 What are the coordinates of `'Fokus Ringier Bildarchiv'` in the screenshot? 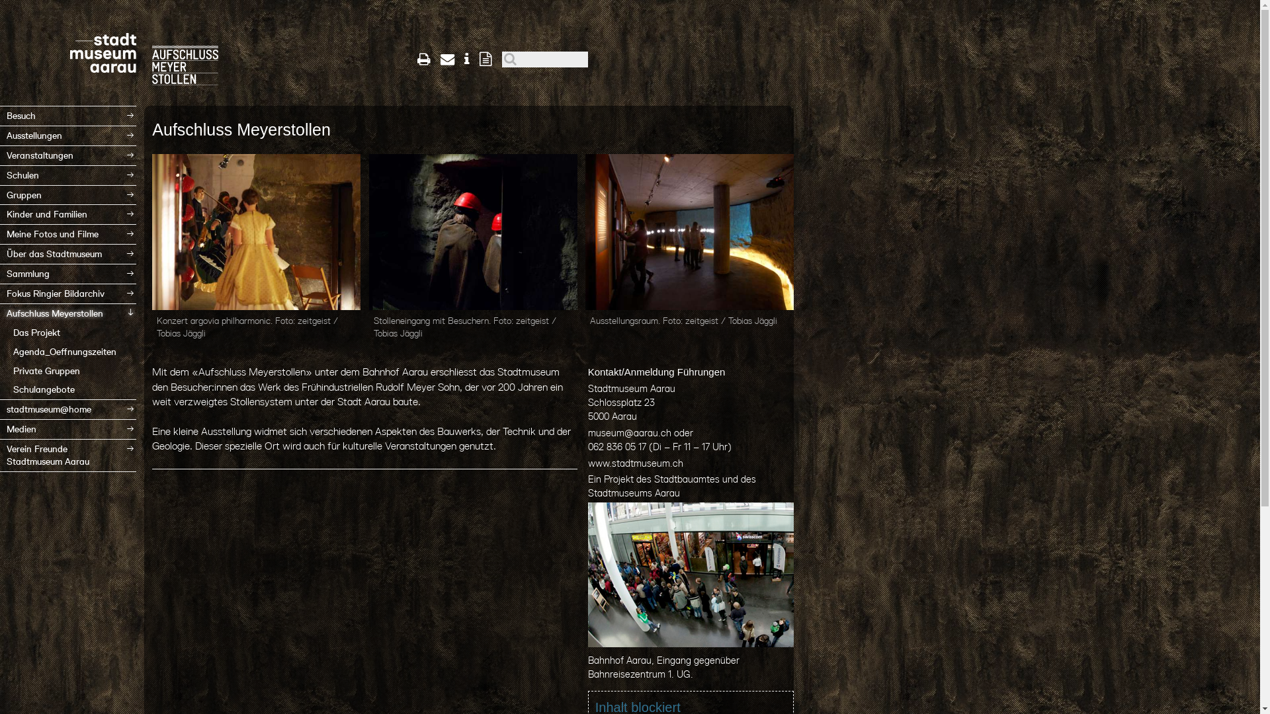 It's located at (67, 293).